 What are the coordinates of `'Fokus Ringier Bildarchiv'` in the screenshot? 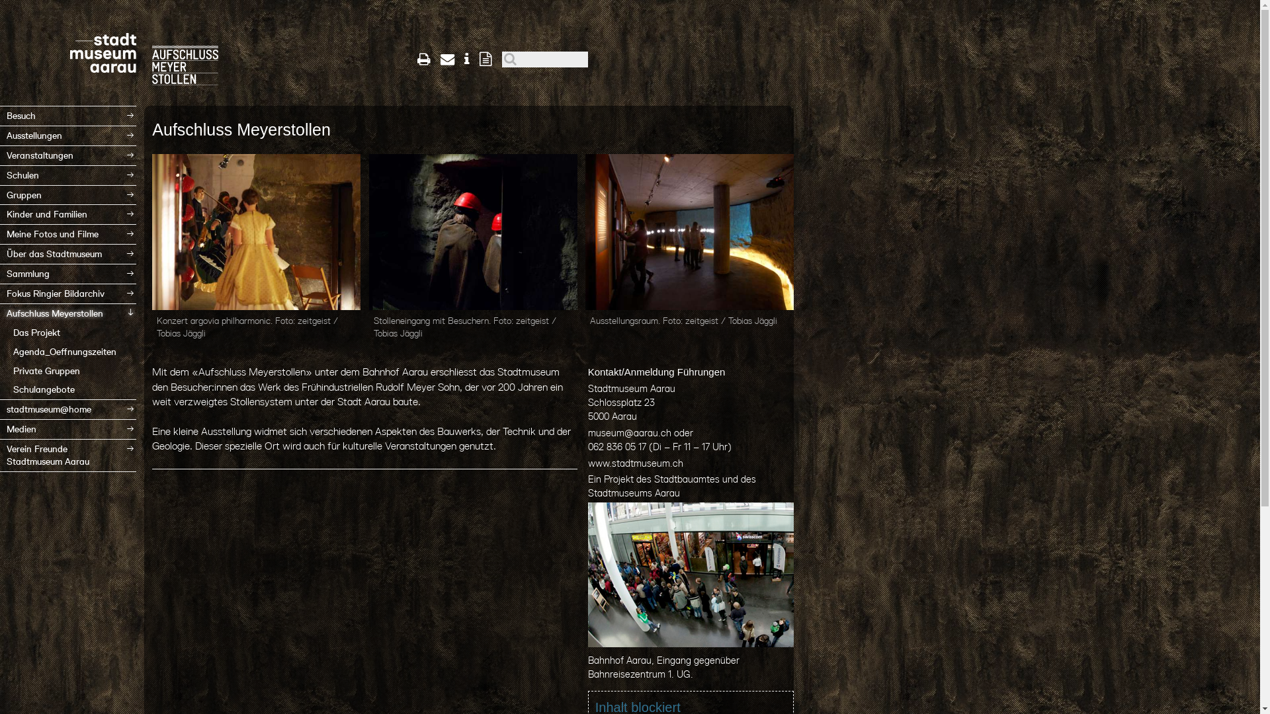 It's located at (67, 293).